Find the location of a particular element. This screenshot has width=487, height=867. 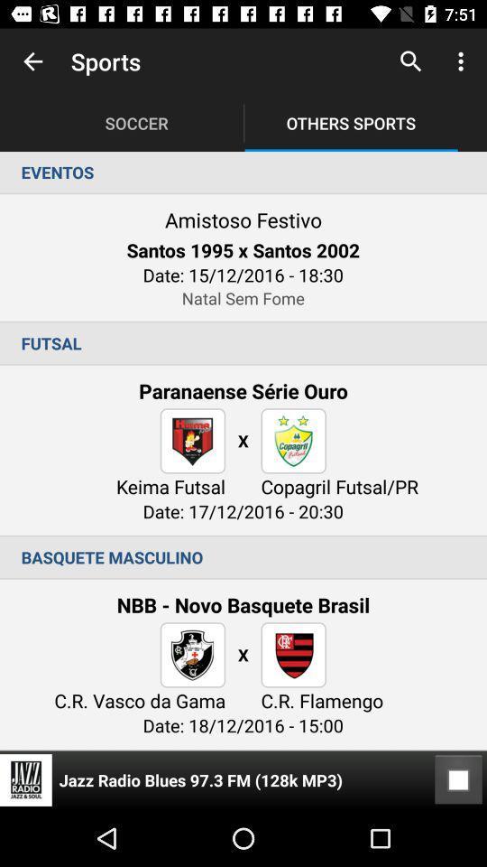

item next to jazz radio blues icon is located at coordinates (458, 779).